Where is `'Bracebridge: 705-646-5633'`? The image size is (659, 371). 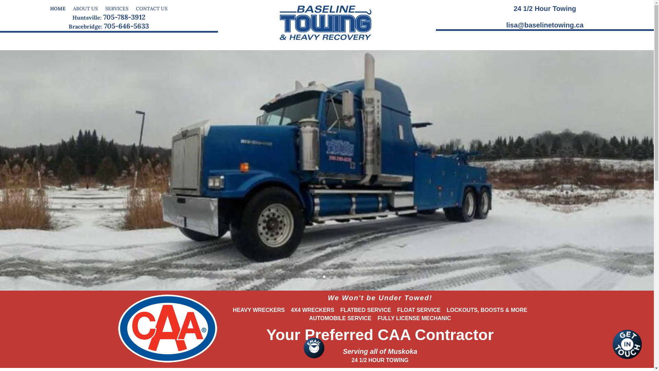
'Bracebridge: 705-646-5633' is located at coordinates (108, 25).